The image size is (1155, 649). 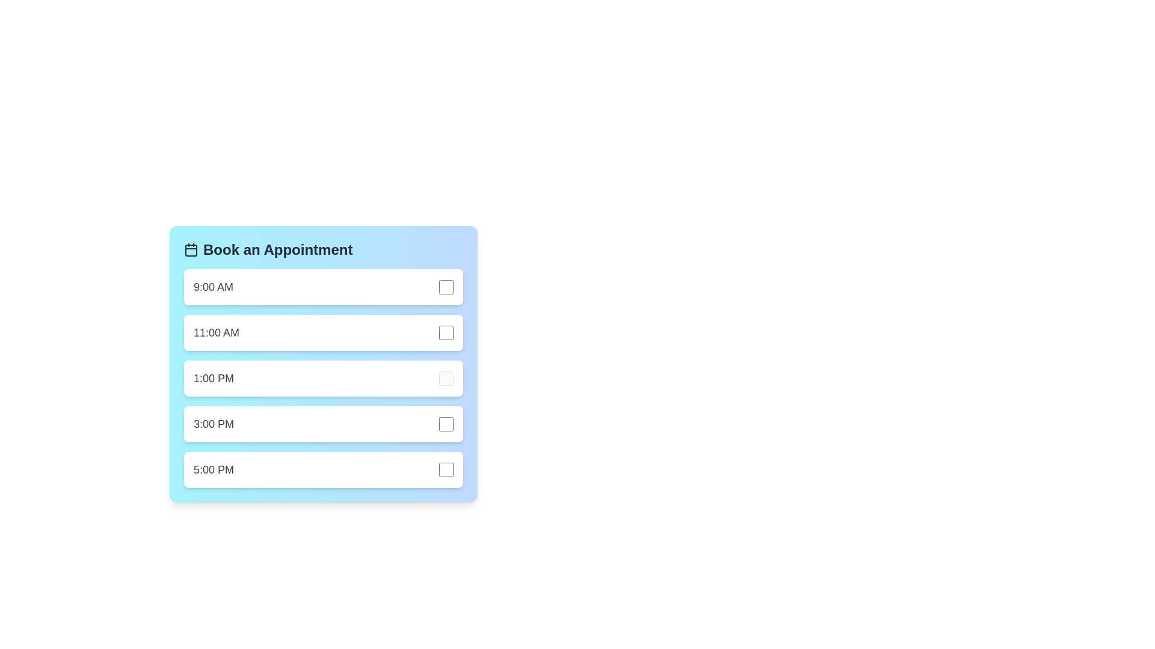 What do you see at coordinates (323, 377) in the screenshot?
I see `the time slot for 1:00 PM` at bounding box center [323, 377].